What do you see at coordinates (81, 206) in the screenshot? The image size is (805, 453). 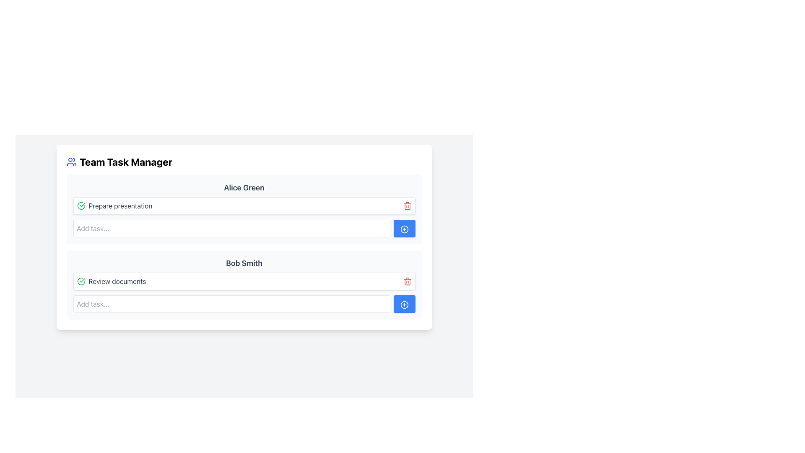 I see `the status represented by the completion icon for the 'Prepare presentation' task under 'Alice Green'` at bounding box center [81, 206].